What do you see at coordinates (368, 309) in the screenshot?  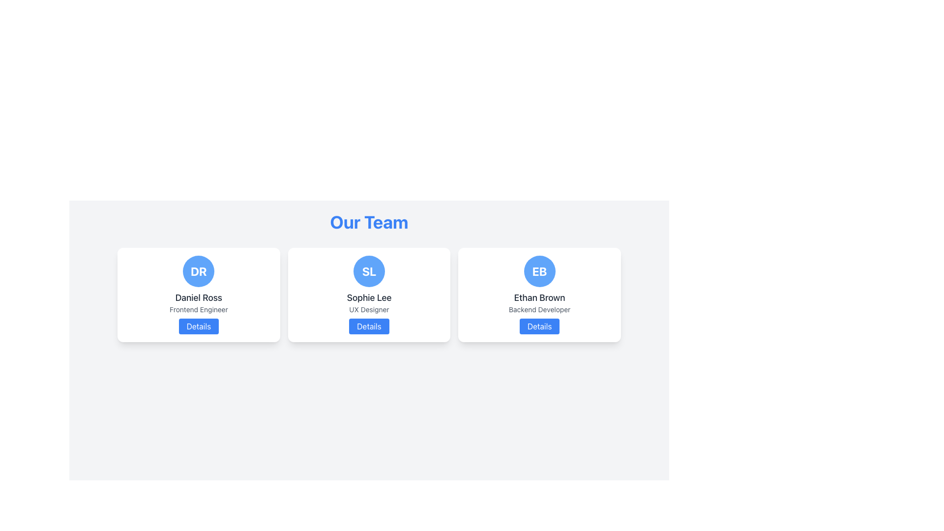 I see `the text label displaying 'UX Designer' in gray color, which is positioned below the 'Sophie Lee' header and above the 'Details' button` at bounding box center [368, 309].